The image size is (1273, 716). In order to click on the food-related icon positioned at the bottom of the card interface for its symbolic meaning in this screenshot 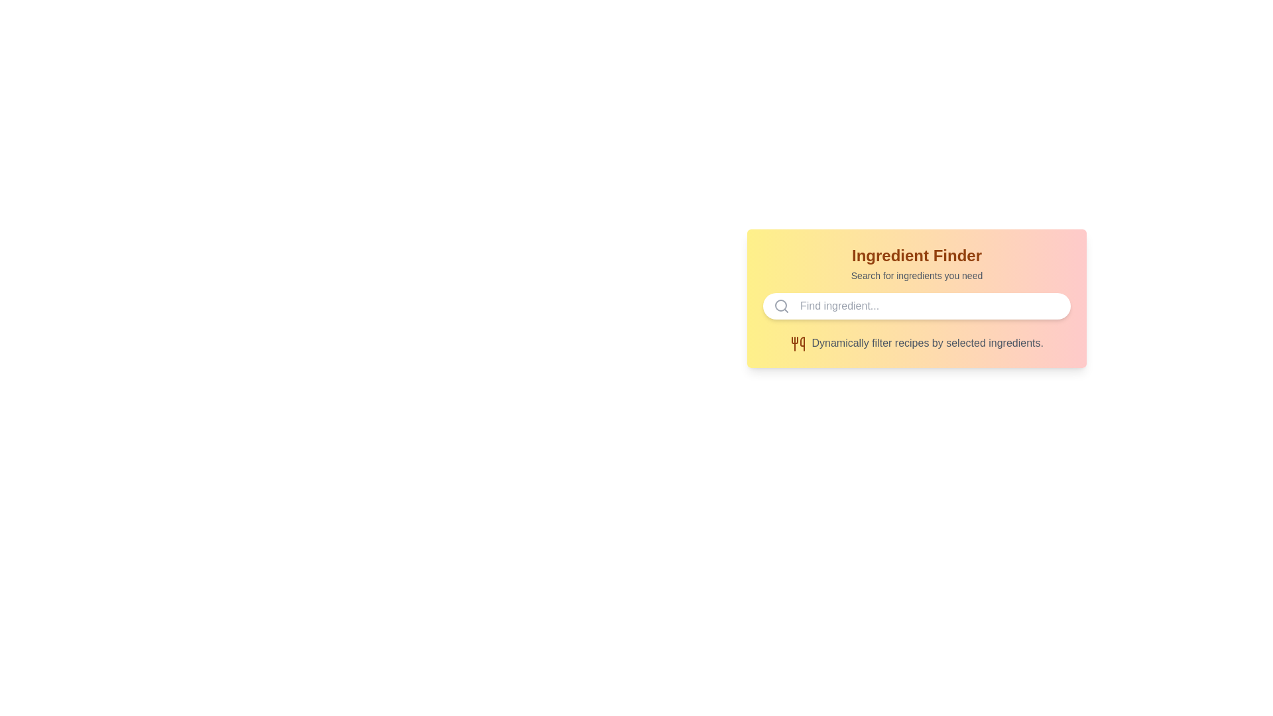, I will do `click(798, 343)`.